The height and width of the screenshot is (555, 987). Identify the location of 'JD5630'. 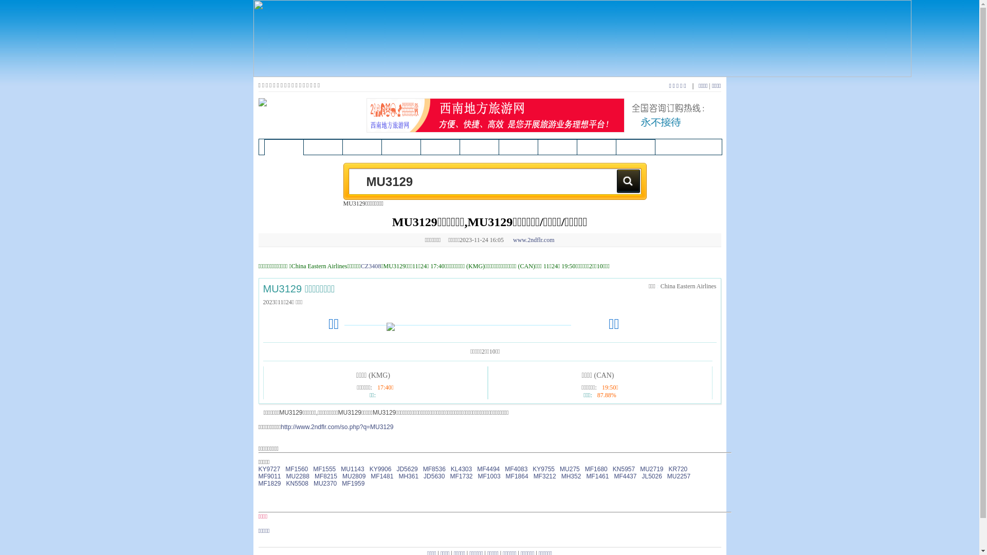
(424, 476).